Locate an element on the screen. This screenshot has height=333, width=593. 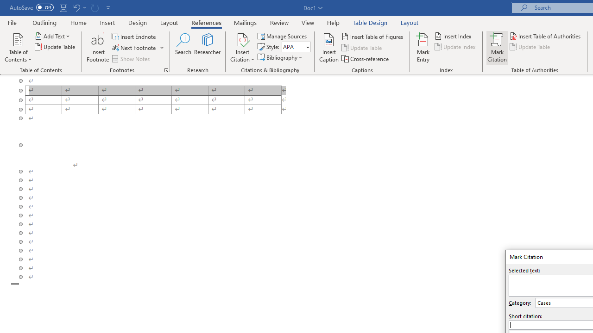
'Mark Citation...' is located at coordinates (497, 48).